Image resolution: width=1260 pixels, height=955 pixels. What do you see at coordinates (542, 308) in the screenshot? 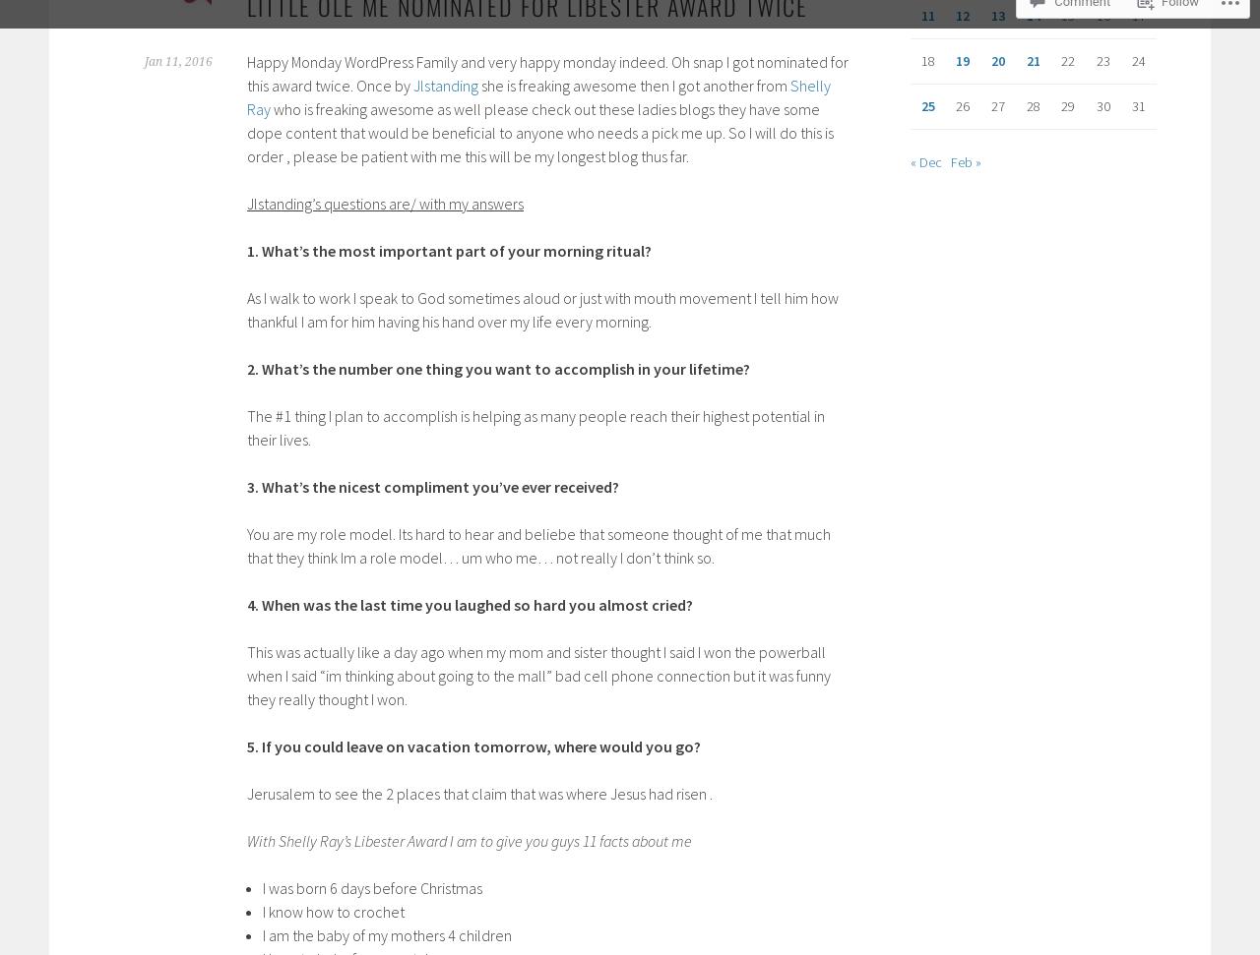
I see `'As I walk to work I speak to God sometimes aloud or just with mouth movement I tell him how thankful I am for him having his hand over my life every morning.'` at bounding box center [542, 308].